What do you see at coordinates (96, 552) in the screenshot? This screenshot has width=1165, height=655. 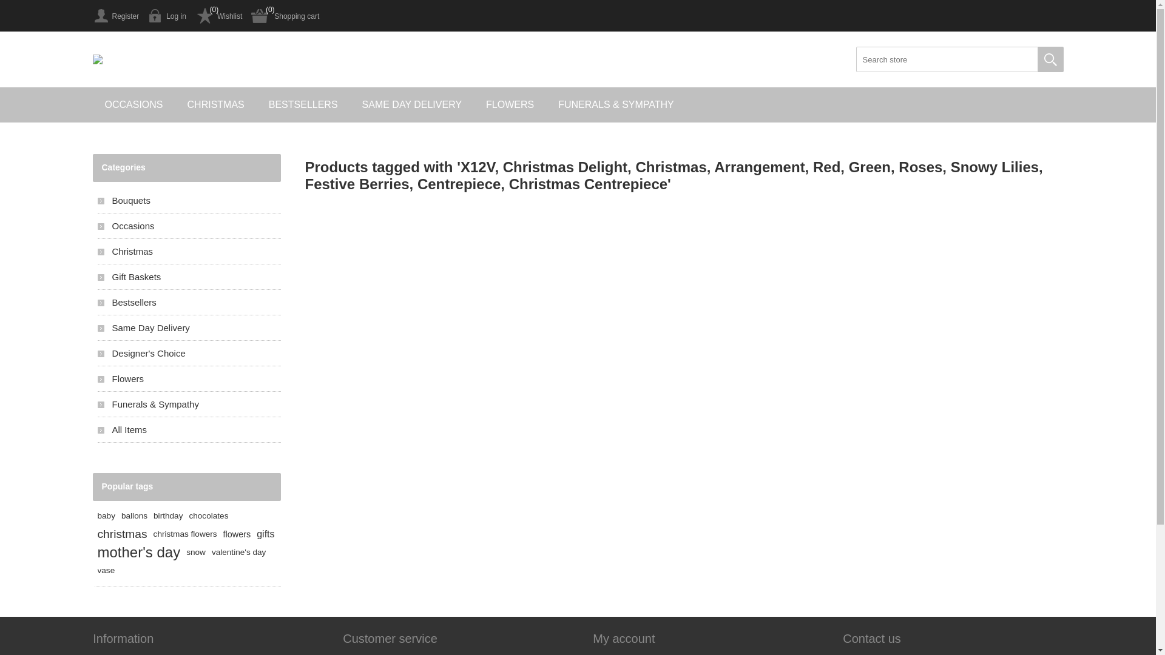 I see `'mother's day'` at bounding box center [96, 552].